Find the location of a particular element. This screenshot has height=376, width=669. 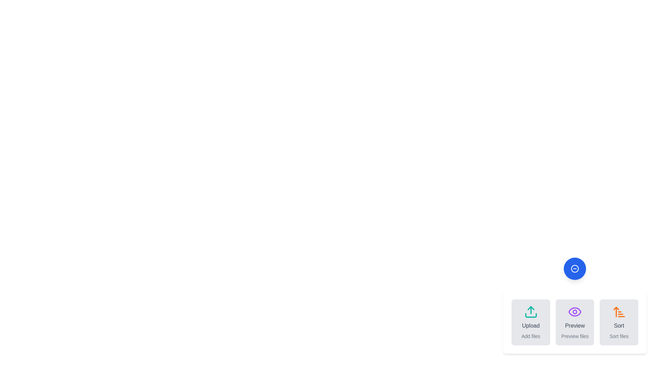

the 'Preview' button to trigger the preview action is located at coordinates (575, 322).